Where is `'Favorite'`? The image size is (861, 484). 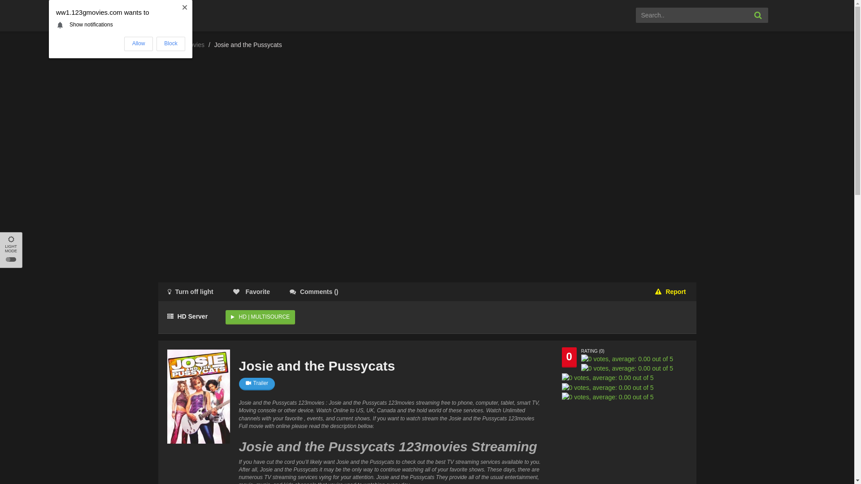 'Favorite' is located at coordinates (224, 292).